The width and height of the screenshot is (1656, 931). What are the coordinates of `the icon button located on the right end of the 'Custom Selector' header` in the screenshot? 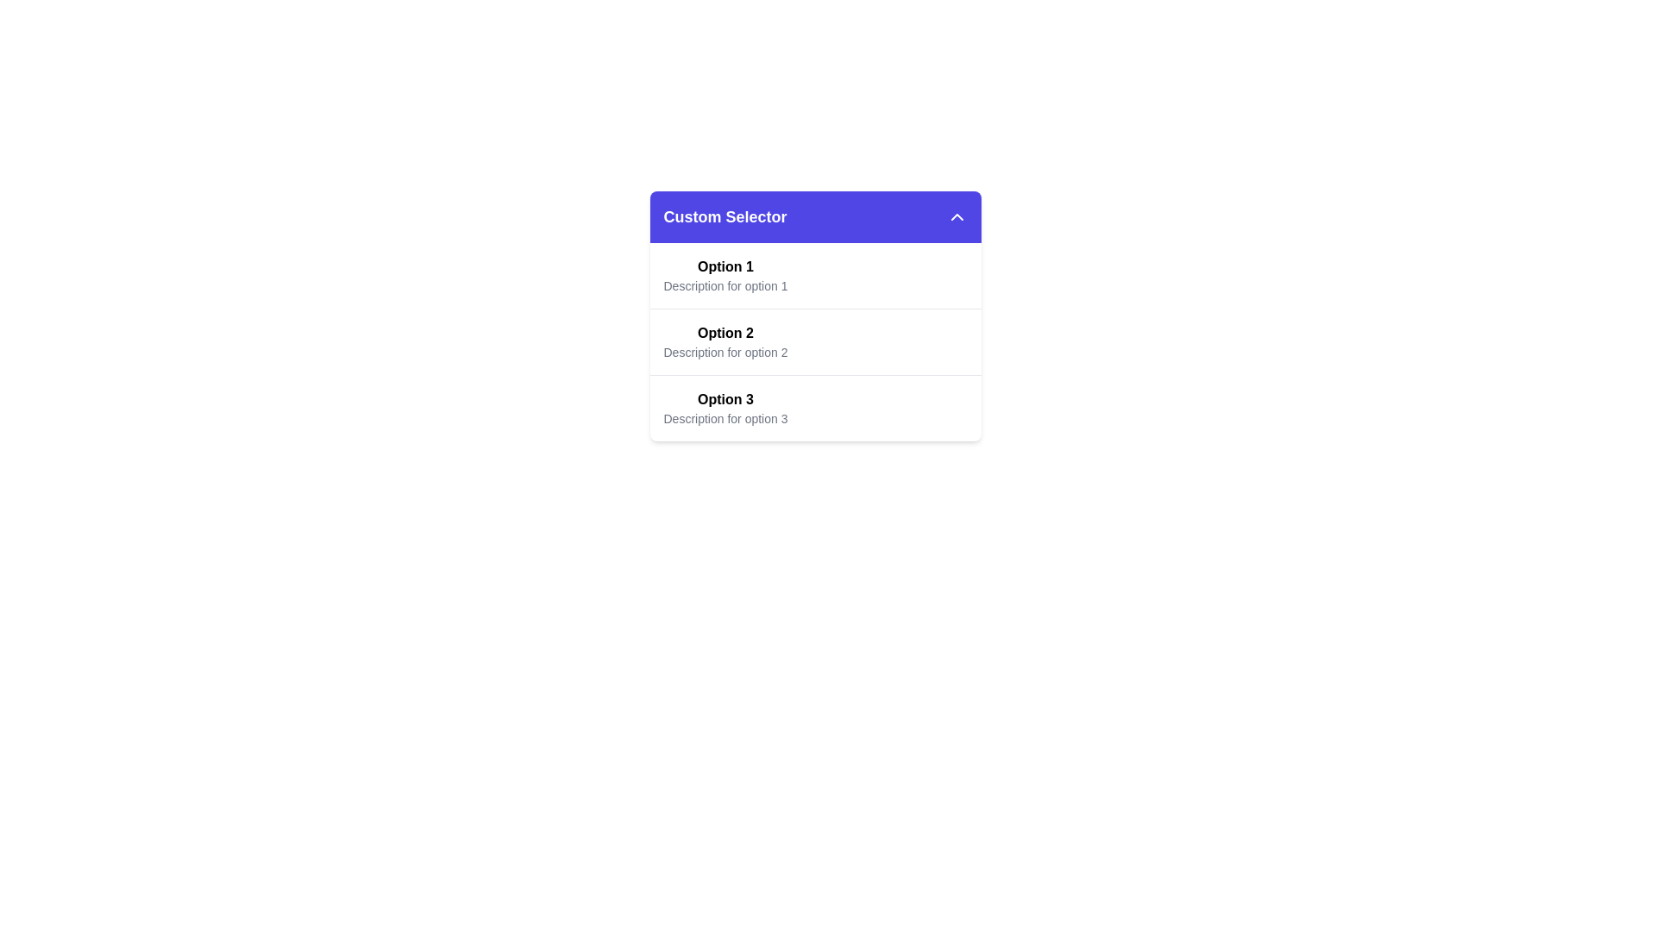 It's located at (956, 216).